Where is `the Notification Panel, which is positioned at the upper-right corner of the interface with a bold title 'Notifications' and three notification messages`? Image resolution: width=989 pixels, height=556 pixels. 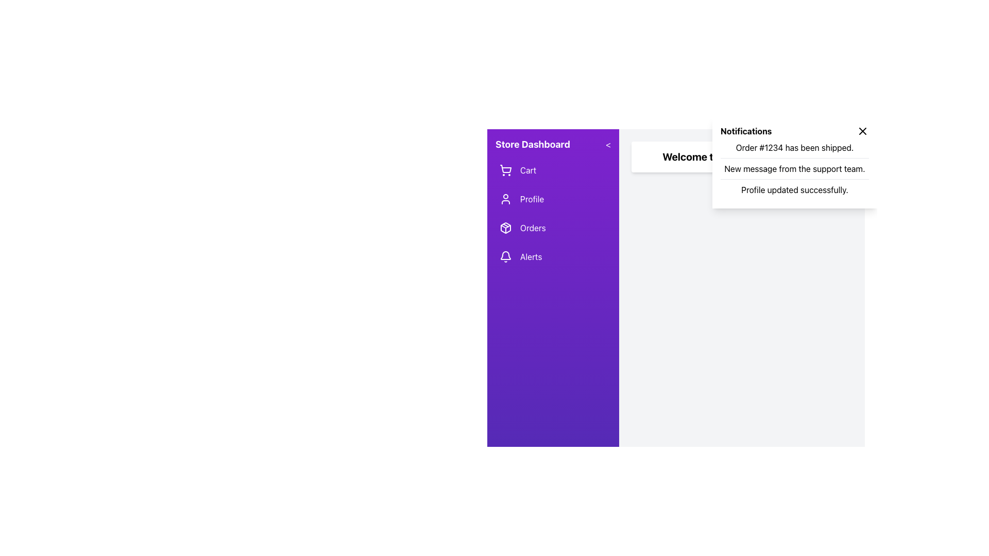 the Notification Panel, which is positioned at the upper-right corner of the interface with a bold title 'Notifications' and three notification messages is located at coordinates (794, 162).